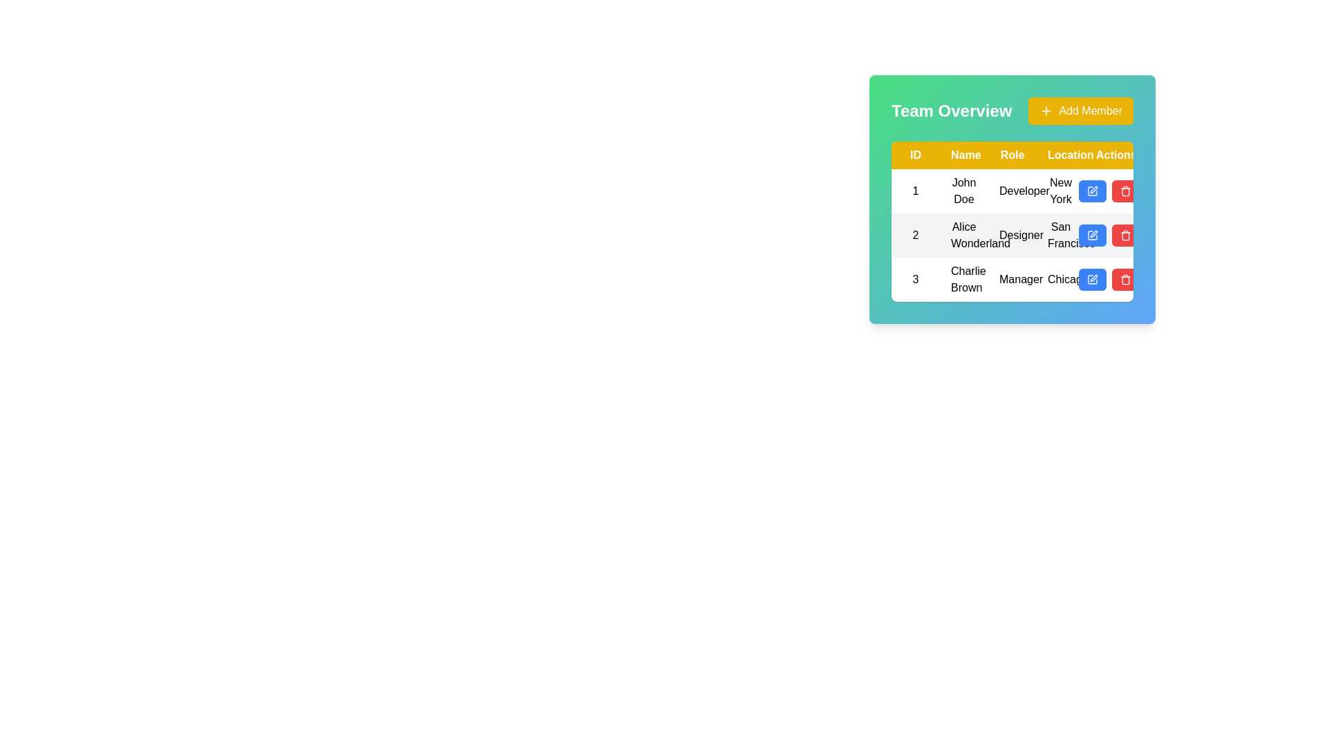  Describe the element at coordinates (1060, 191) in the screenshot. I see `the text element displaying 'New York' in the first row of the table, which is under the 'Location' column and appears to the right of the 'Role' column labeled 'Developer'` at that location.